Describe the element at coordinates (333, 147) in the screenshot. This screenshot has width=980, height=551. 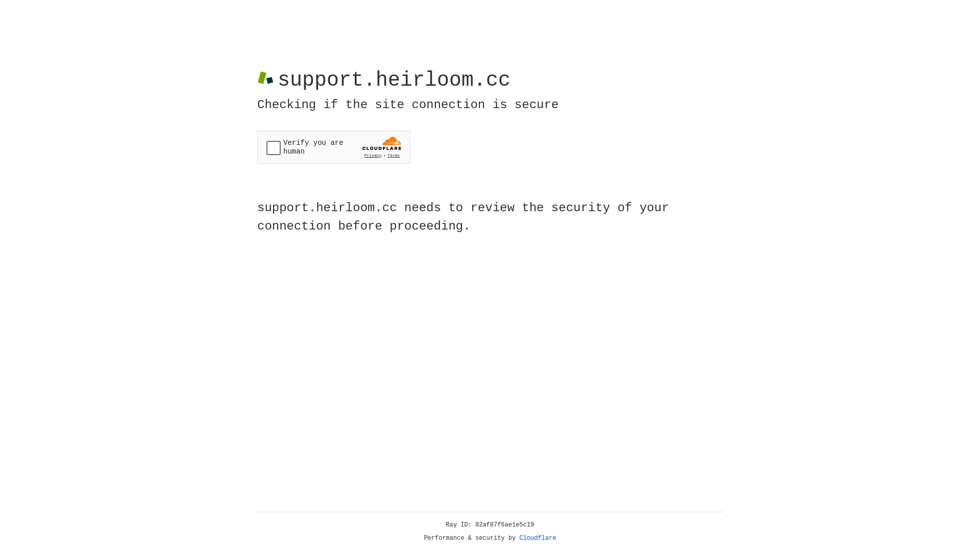
I see `'Widget containing a Cloudflare security challenge'` at that location.